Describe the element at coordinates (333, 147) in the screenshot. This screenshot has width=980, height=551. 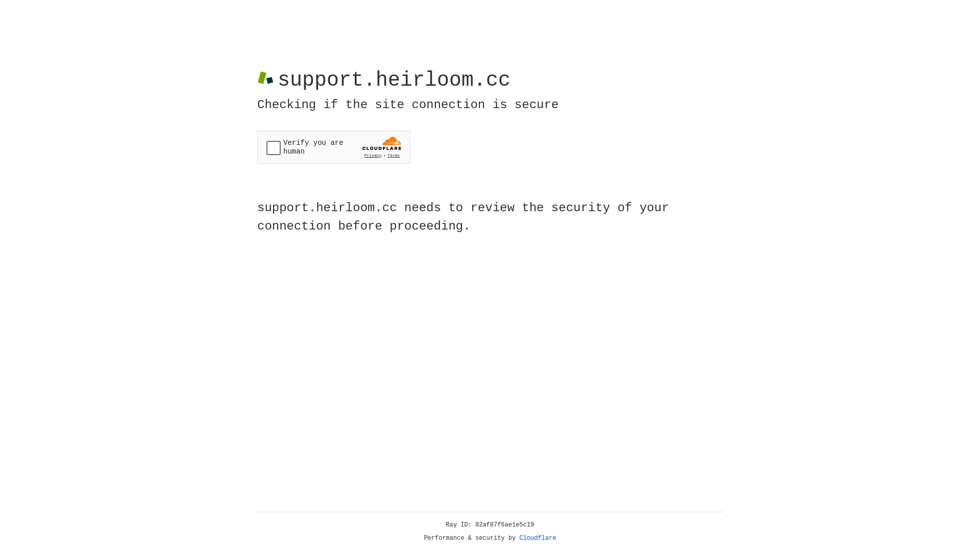
I see `'Widget containing a Cloudflare security challenge'` at that location.